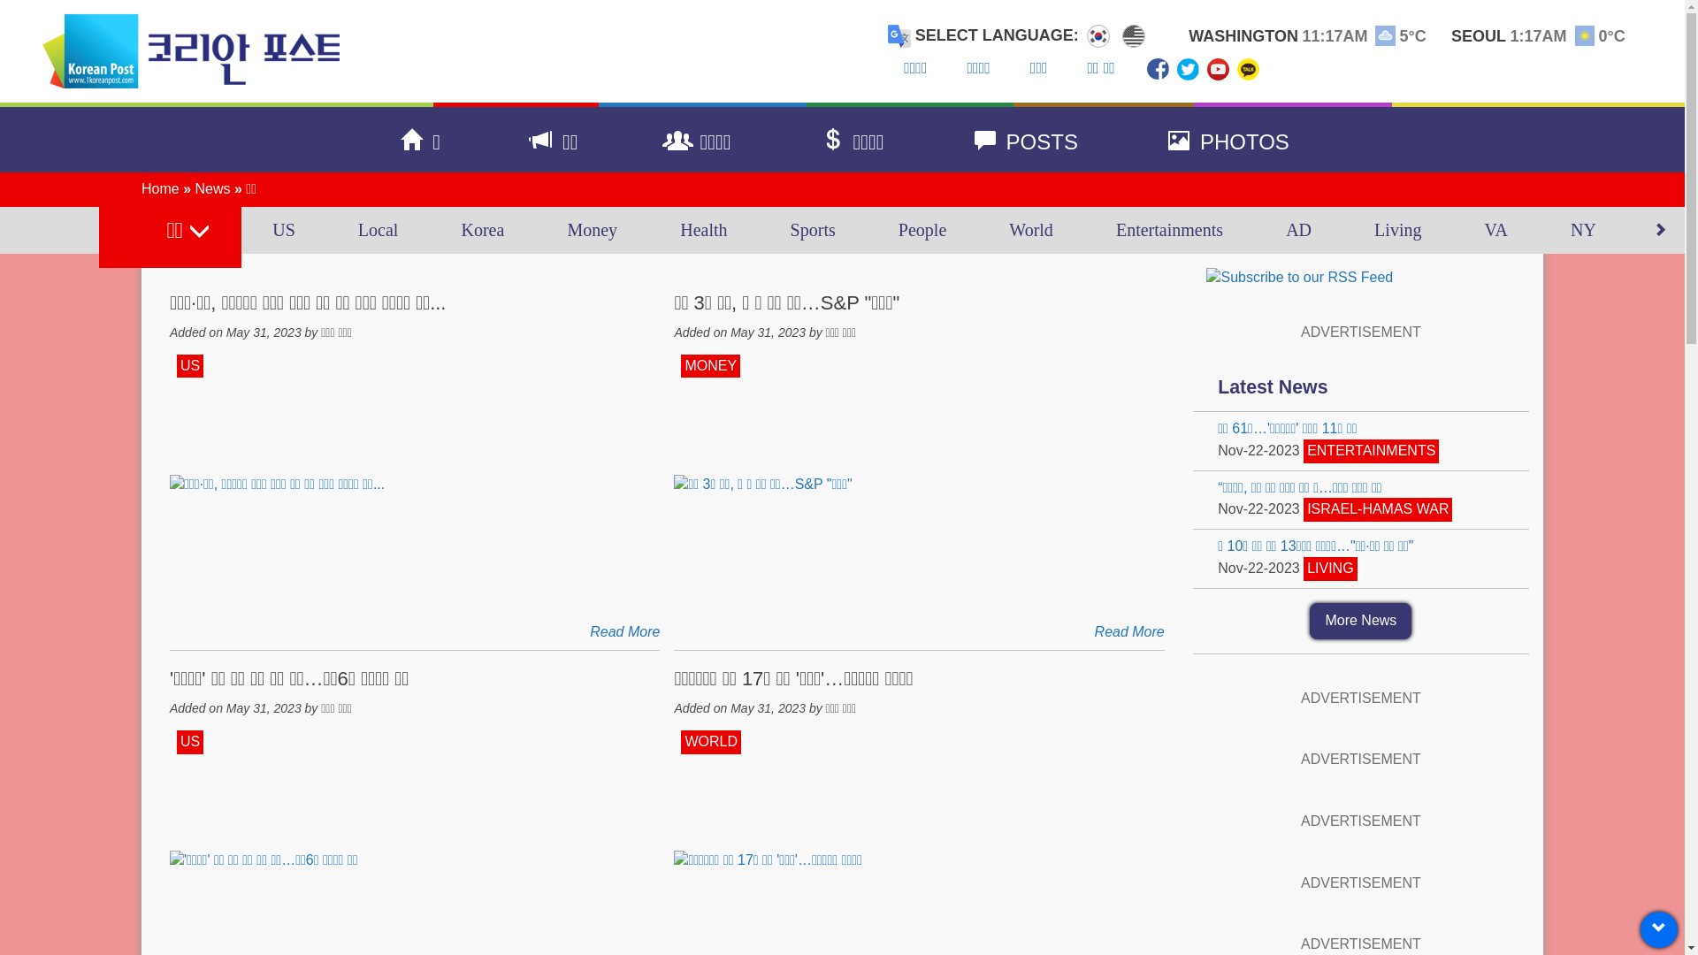 The width and height of the screenshot is (1698, 955). What do you see at coordinates (1639, 928) in the screenshot?
I see `'Scroll to Top'` at bounding box center [1639, 928].